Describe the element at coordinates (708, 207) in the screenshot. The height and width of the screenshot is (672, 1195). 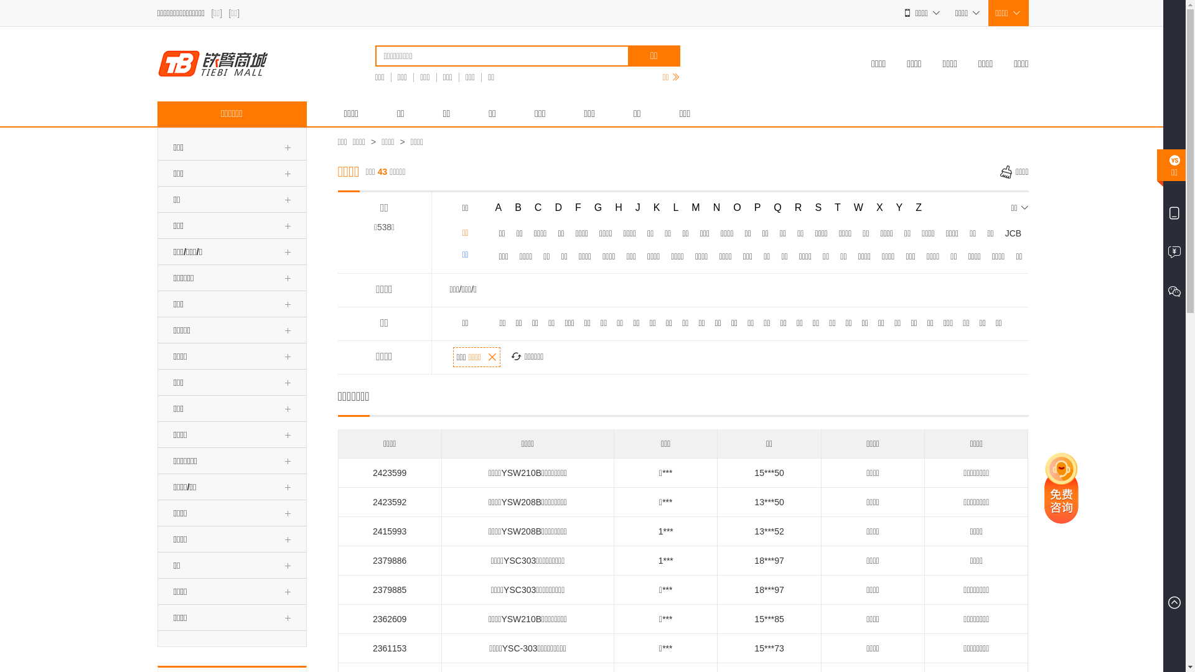
I see `'N'` at that location.